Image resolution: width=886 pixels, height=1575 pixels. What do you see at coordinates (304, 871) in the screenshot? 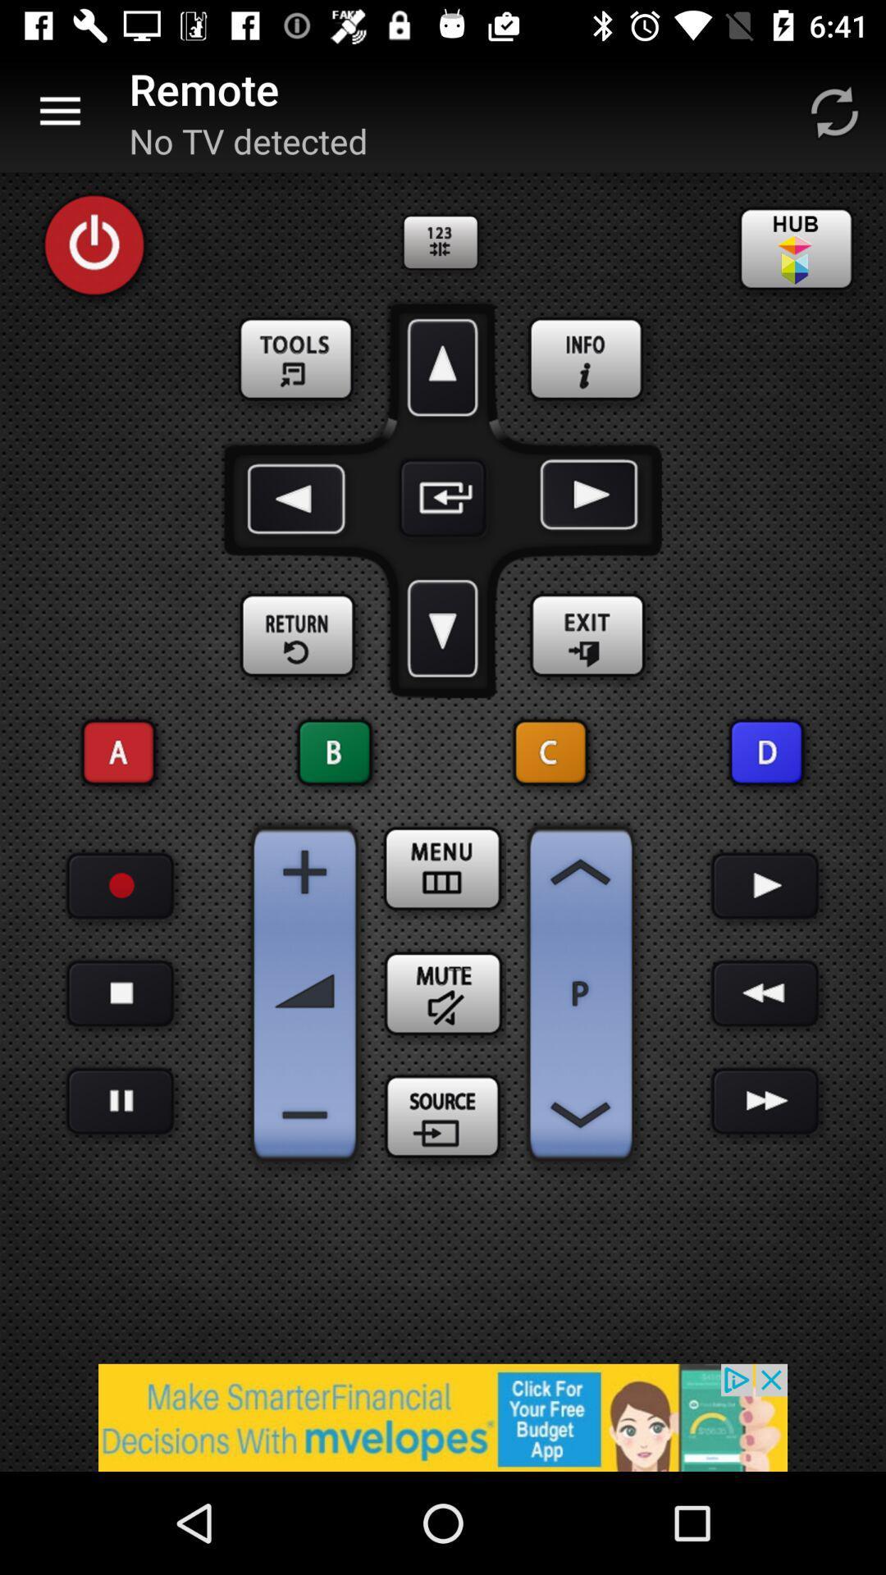
I see `increase volume` at bounding box center [304, 871].